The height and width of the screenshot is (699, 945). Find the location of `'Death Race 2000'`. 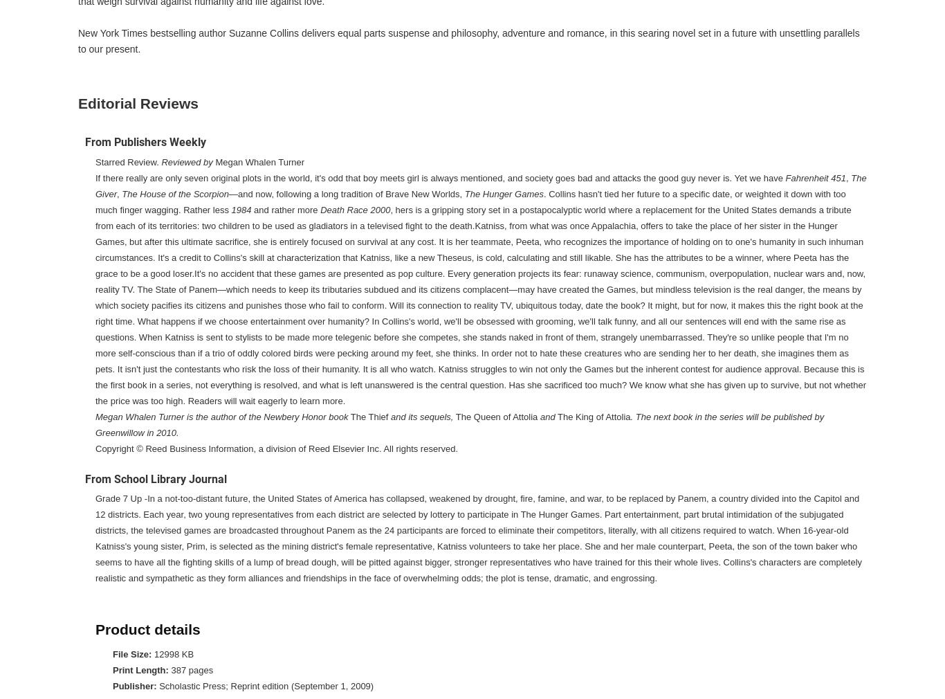

'Death Race 2000' is located at coordinates (355, 209).